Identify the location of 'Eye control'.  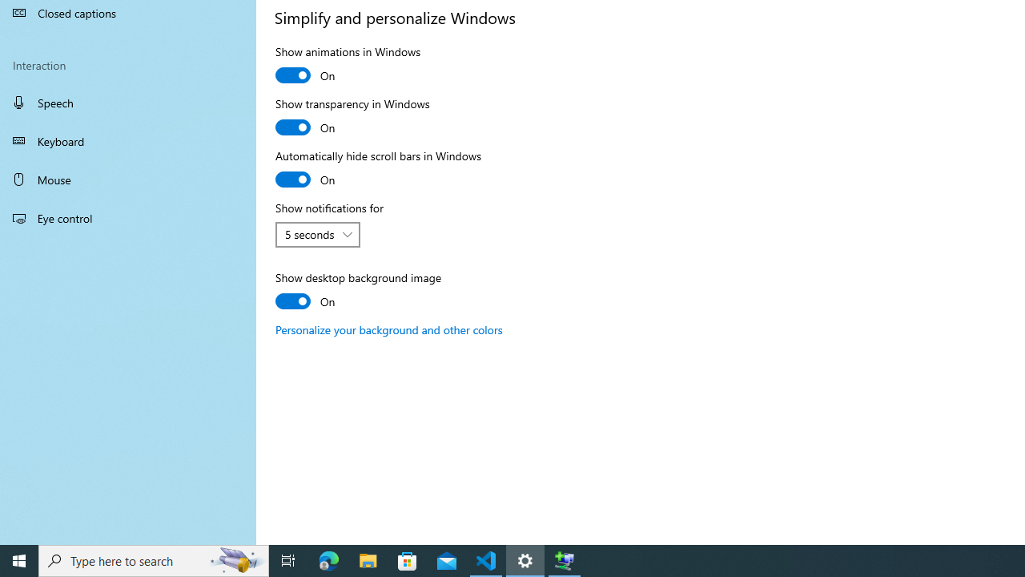
(128, 217).